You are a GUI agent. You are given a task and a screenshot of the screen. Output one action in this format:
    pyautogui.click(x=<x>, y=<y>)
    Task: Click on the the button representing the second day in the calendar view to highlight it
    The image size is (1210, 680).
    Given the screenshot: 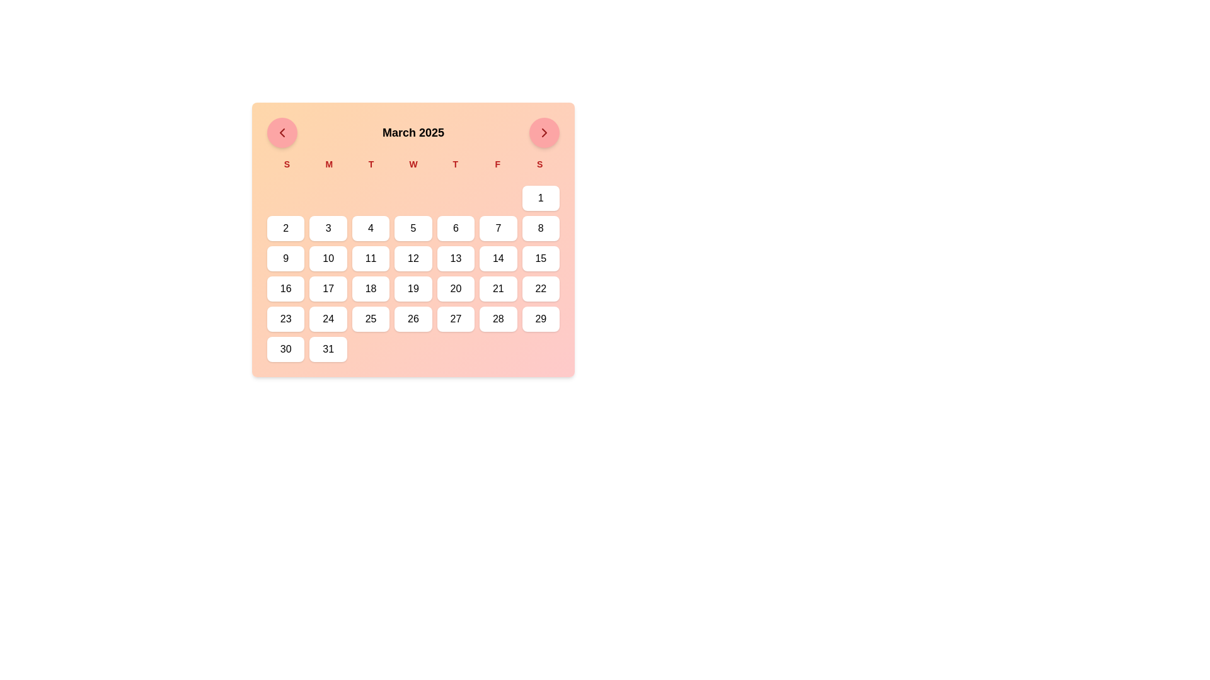 What is the action you would take?
    pyautogui.click(x=285, y=228)
    